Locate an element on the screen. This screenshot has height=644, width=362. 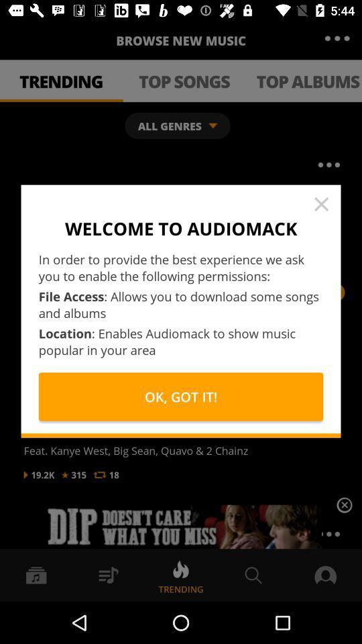
the avatar icon is located at coordinates (335, 568).